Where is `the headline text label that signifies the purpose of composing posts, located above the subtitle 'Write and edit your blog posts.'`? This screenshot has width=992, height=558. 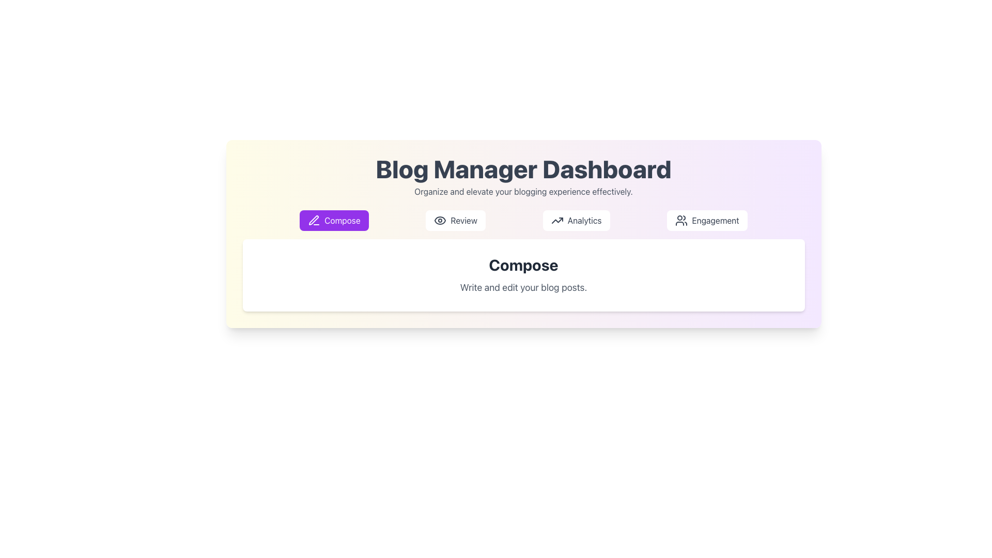 the headline text label that signifies the purpose of composing posts, located above the subtitle 'Write and edit your blog posts.' is located at coordinates (523, 265).